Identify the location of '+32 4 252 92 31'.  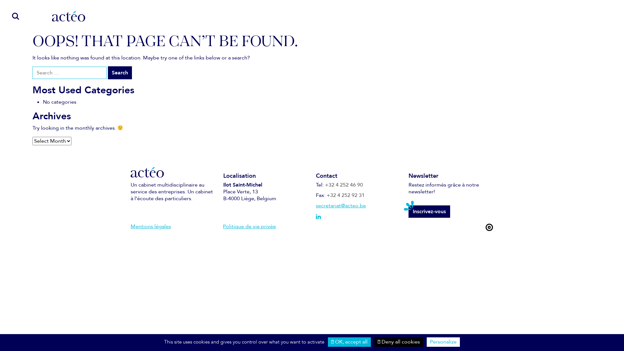
(345, 195).